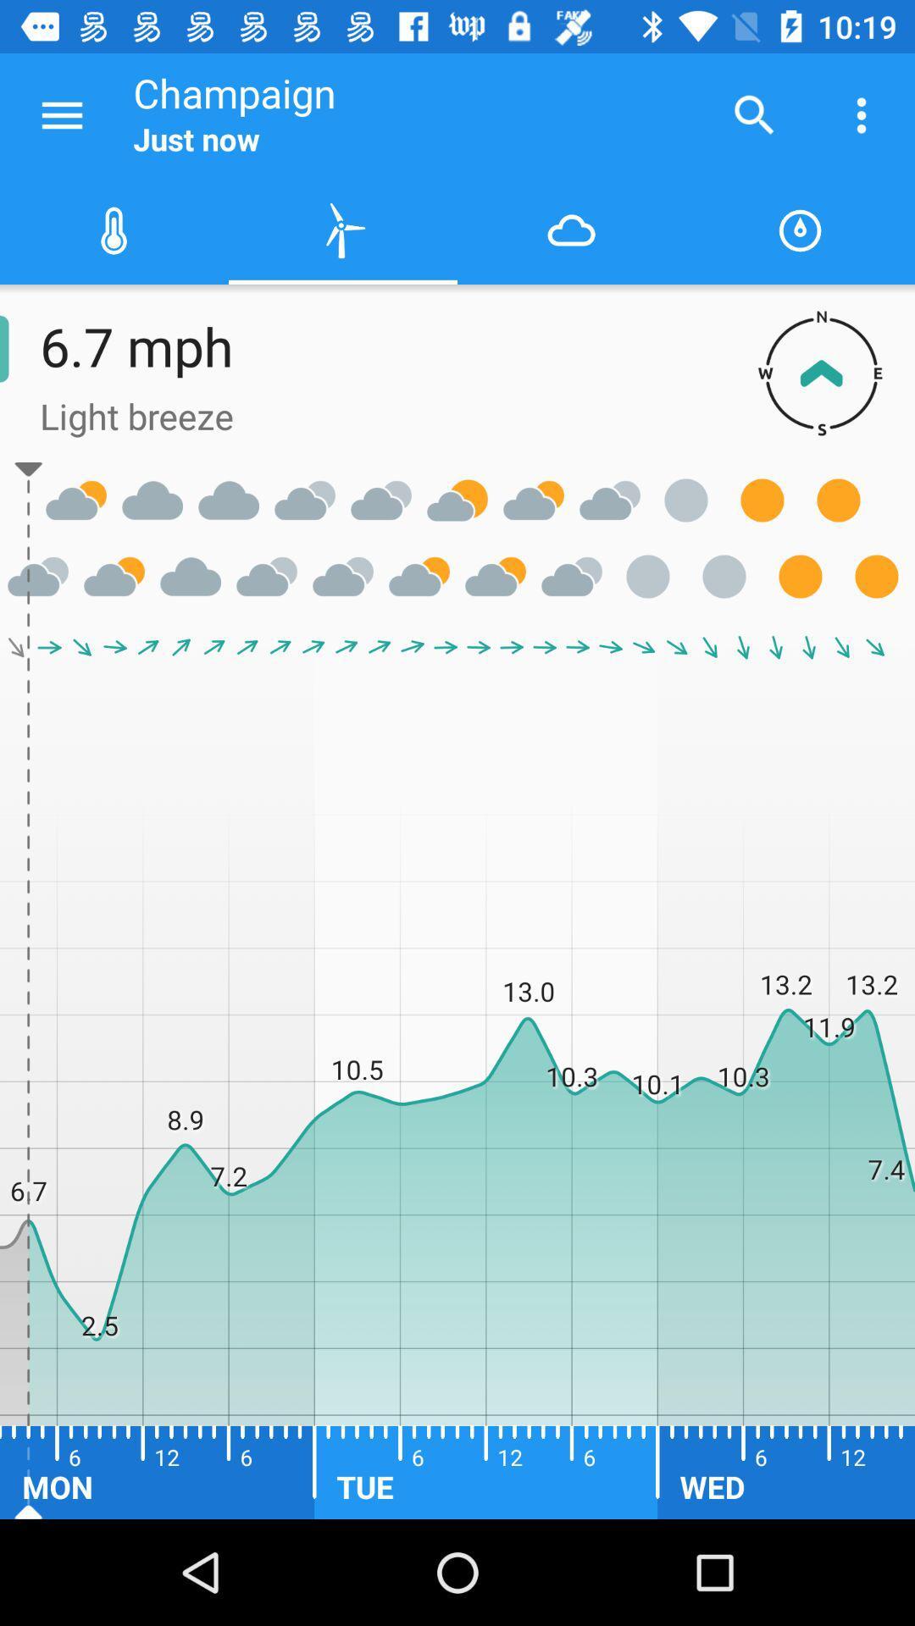  I want to click on the icon next to champaign item, so click(61, 114).